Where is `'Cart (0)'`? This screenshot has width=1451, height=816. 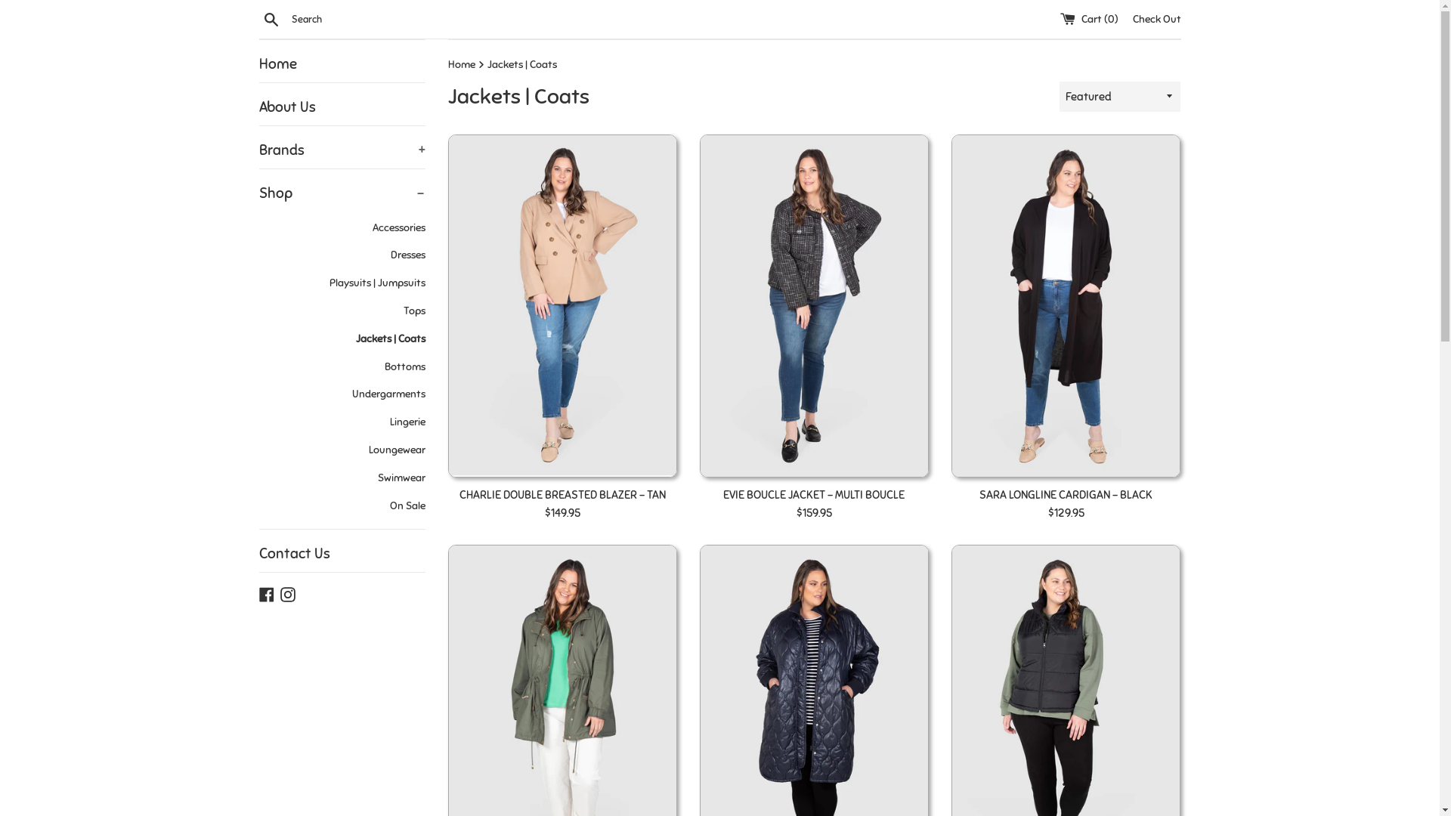
'Cart (0)' is located at coordinates (1058, 18).